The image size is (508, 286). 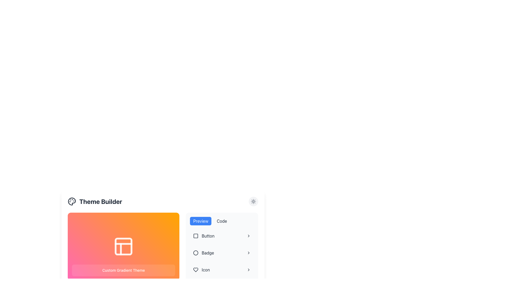 I want to click on the bold text element displaying 'Theme Builder', which is styled in a large sans-serif font and positioned to the right of an artist's palette icon, so click(x=101, y=201).